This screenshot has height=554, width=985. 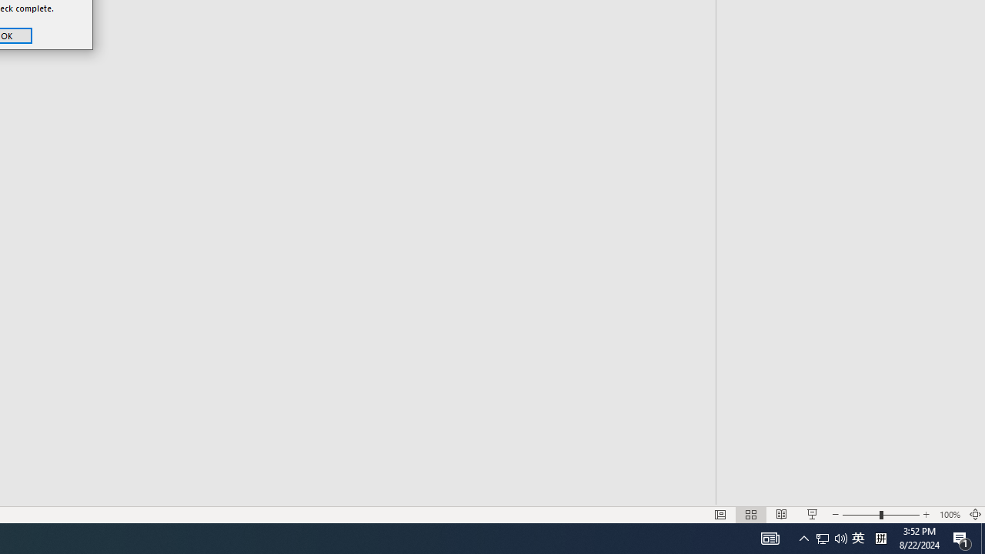 What do you see at coordinates (960, 492) in the screenshot?
I see `'Zoom 140%'` at bounding box center [960, 492].